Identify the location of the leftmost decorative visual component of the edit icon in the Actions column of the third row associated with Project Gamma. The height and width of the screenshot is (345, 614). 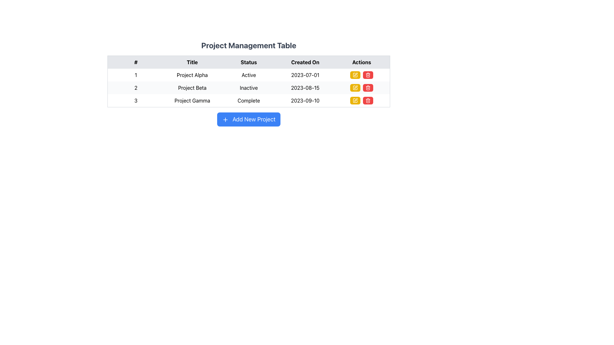
(355, 101).